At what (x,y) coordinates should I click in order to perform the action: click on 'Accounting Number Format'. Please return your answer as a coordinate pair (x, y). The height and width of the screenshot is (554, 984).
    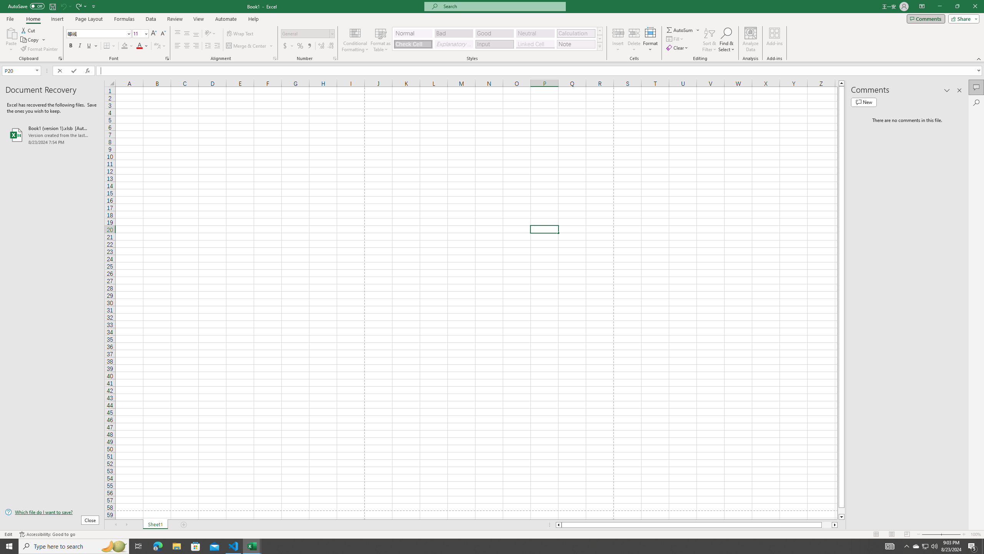
    Looking at the image, I should click on (288, 45).